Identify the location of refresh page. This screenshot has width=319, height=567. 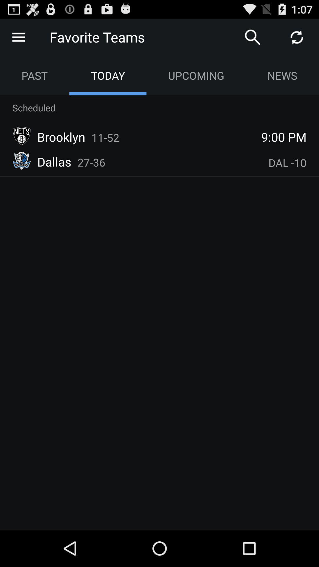
(297, 37).